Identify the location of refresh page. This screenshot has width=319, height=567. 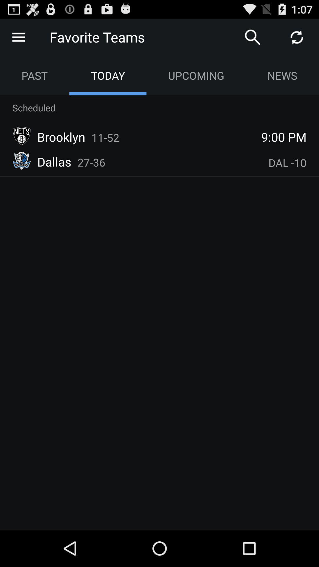
(297, 37).